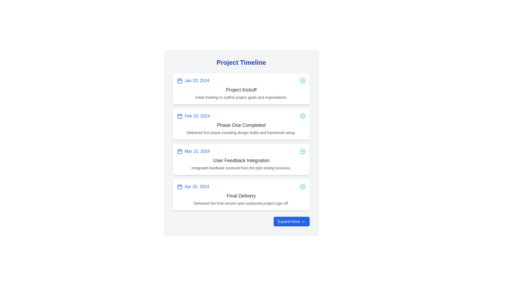  Describe the element at coordinates (302, 81) in the screenshot. I see `the small green circular icon with a checkmark located at the far right of the row containing the 'Jan 20, 2024' date` at that location.